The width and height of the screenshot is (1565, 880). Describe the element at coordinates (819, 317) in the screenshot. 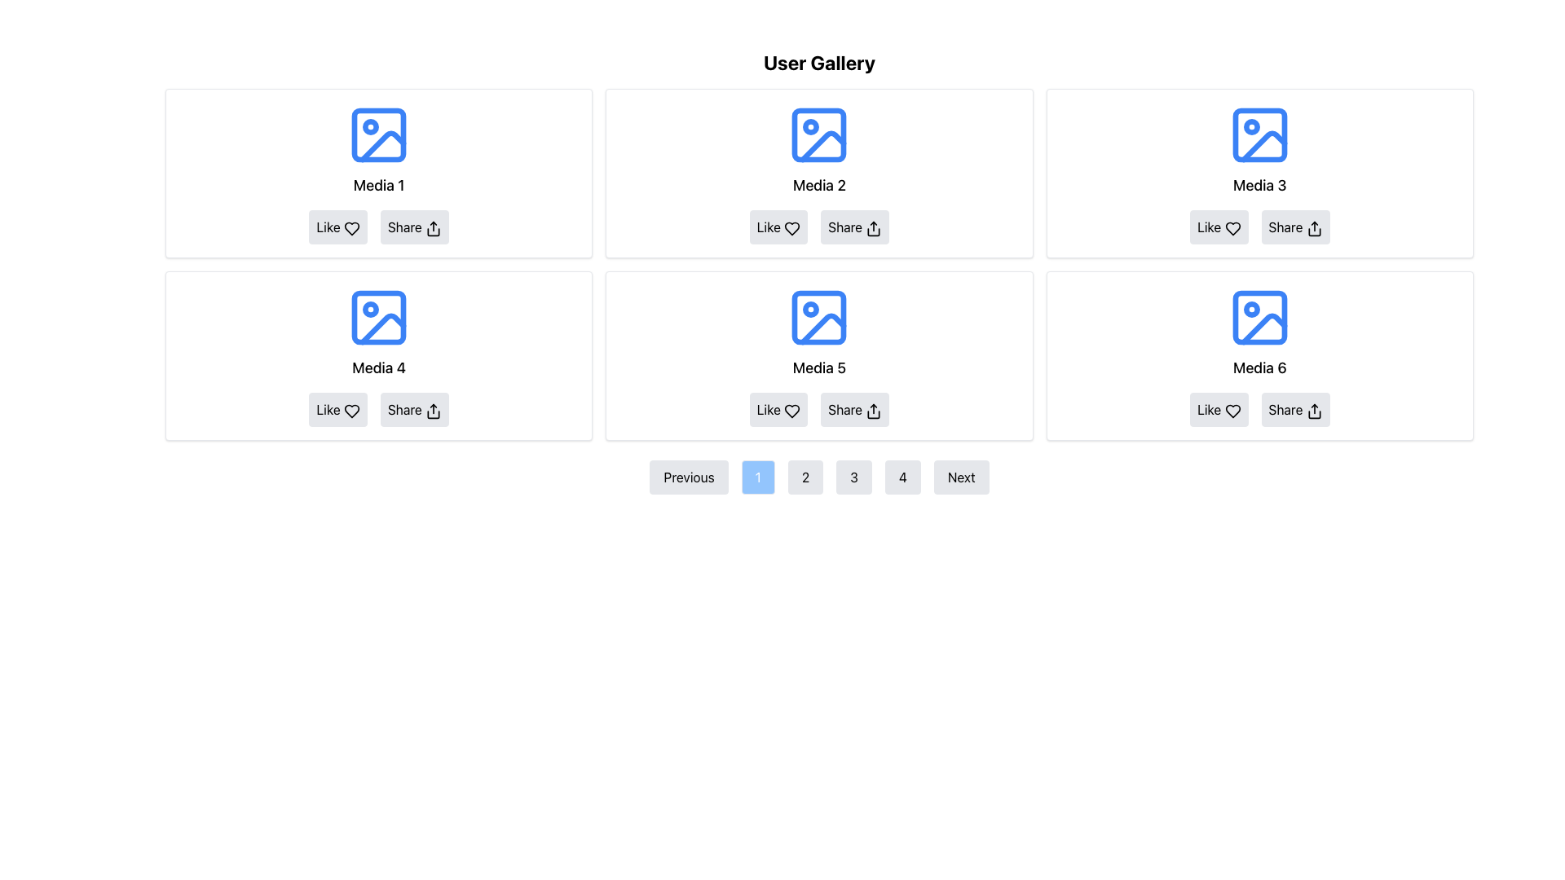

I see `the Icon located in the fifth card of the gallery grid, which is identified by 'Media 5' text below it, positioned above the 'Like' and 'Share' buttons` at that location.